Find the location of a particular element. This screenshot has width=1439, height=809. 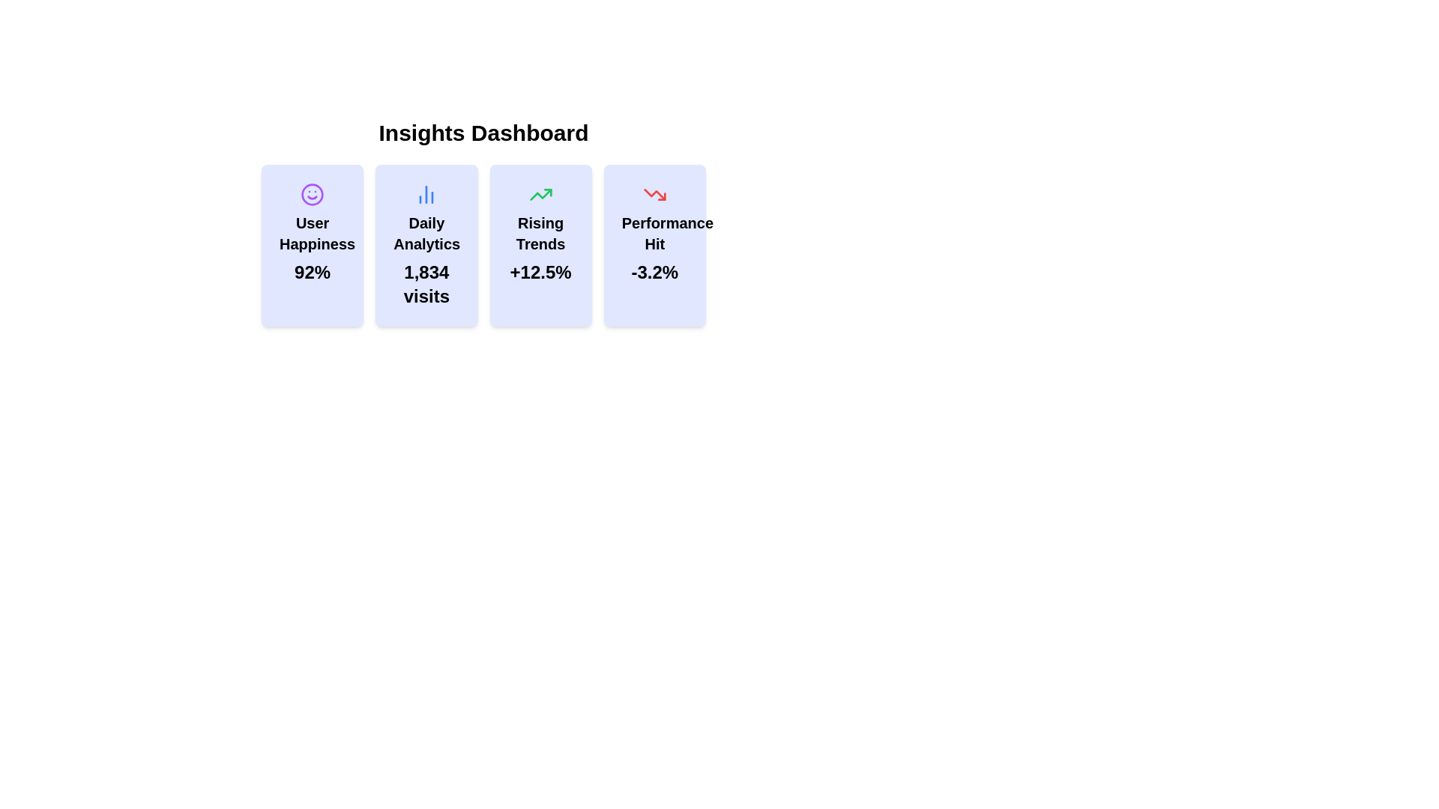

text label displaying '1,834 visits' which is part of the 'Daily Analytics' card in the dashboard is located at coordinates (426, 285).